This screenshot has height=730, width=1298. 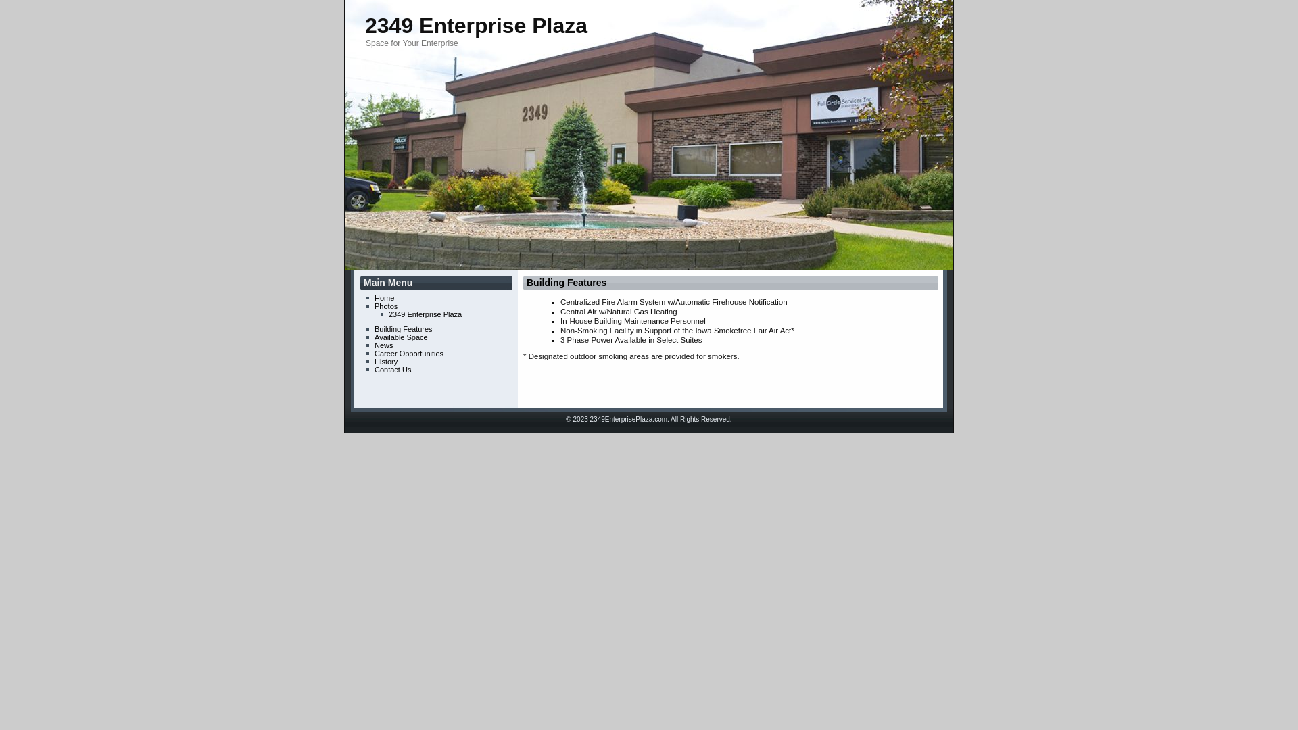 What do you see at coordinates (402, 328) in the screenshot?
I see `'Building Features'` at bounding box center [402, 328].